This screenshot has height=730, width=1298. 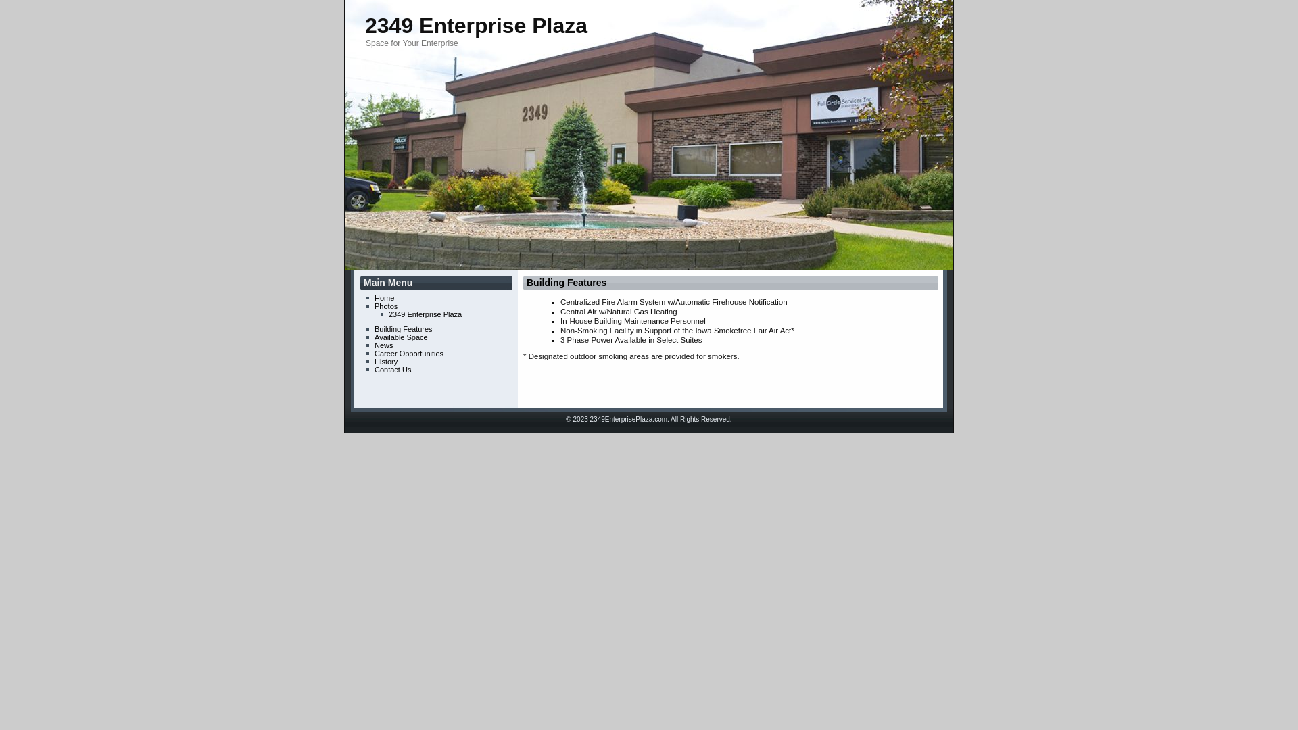 What do you see at coordinates (402, 328) in the screenshot?
I see `'Building Features'` at bounding box center [402, 328].